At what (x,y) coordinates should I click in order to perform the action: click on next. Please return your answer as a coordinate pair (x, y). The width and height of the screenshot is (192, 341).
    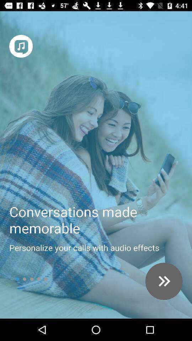
    Looking at the image, I should click on (164, 281).